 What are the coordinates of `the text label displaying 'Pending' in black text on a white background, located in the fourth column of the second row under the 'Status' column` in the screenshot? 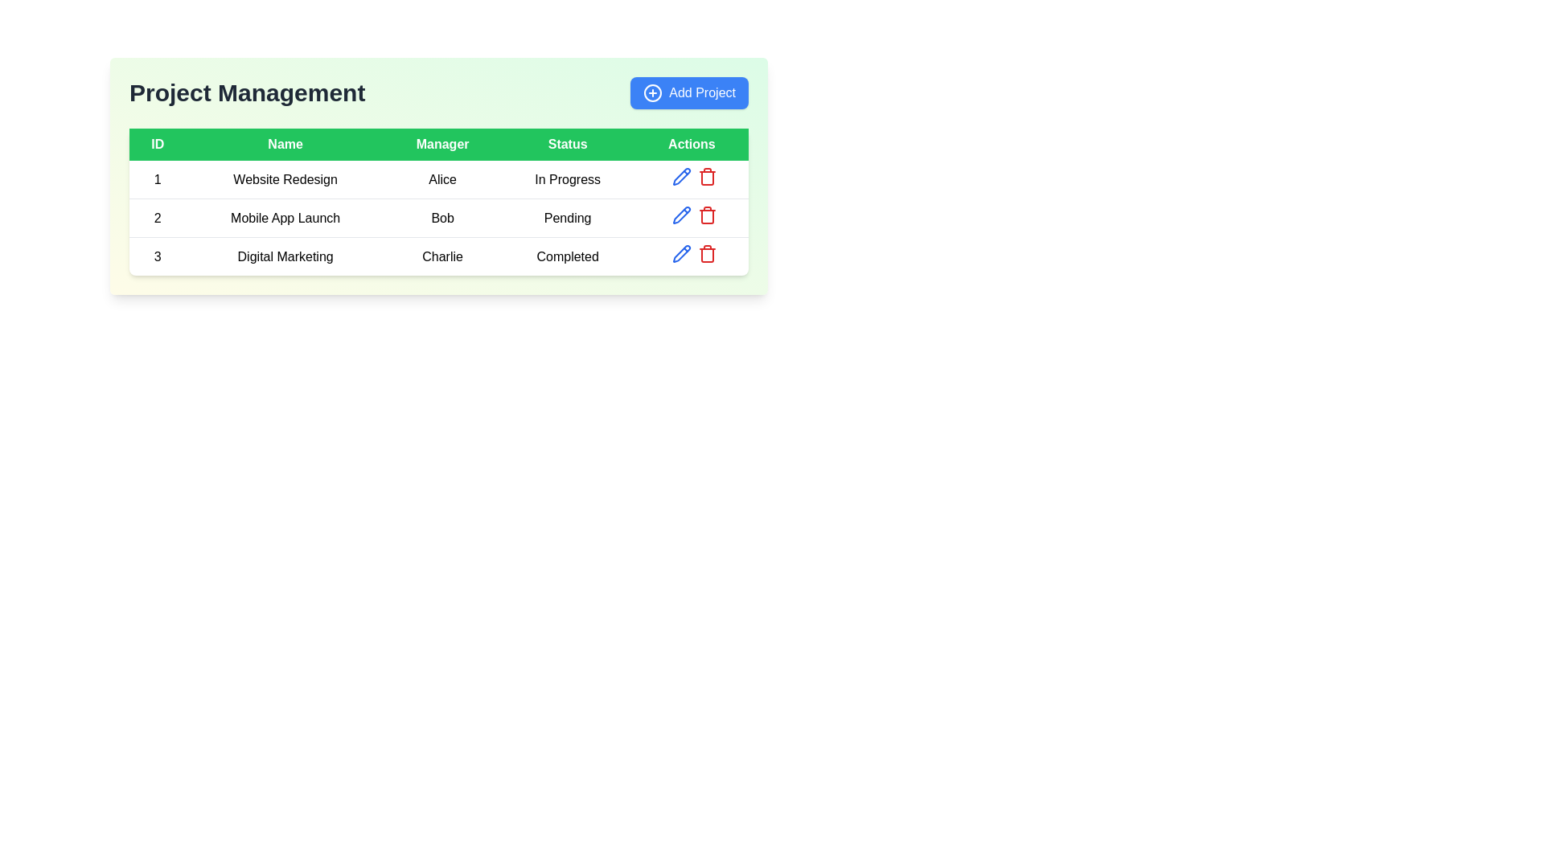 It's located at (568, 218).